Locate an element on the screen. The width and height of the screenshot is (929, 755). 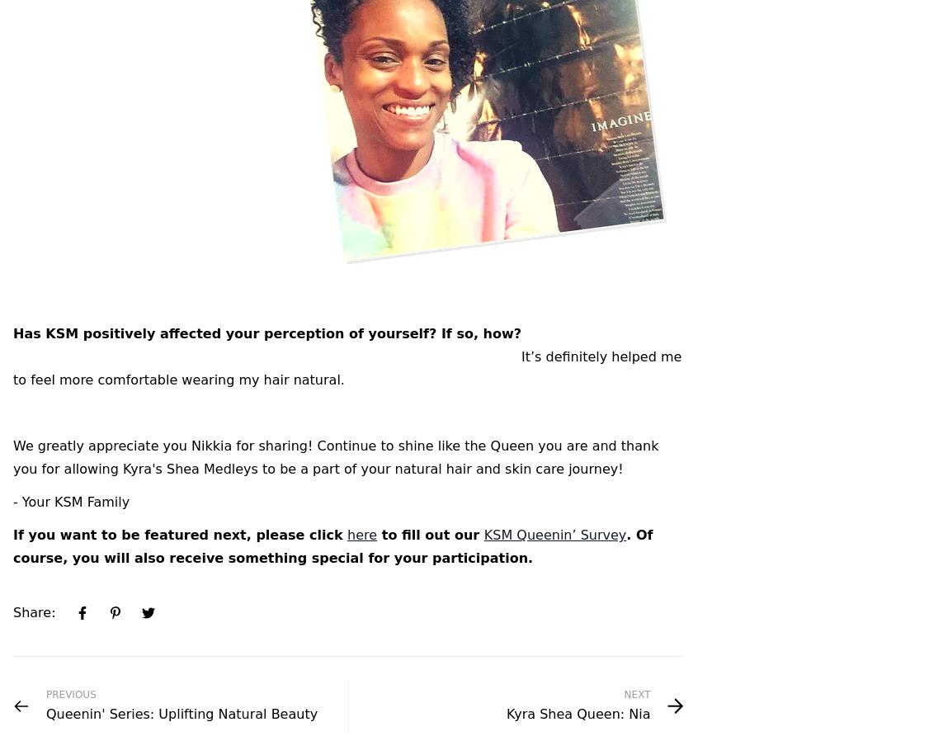
'Next' is located at coordinates (635, 694).